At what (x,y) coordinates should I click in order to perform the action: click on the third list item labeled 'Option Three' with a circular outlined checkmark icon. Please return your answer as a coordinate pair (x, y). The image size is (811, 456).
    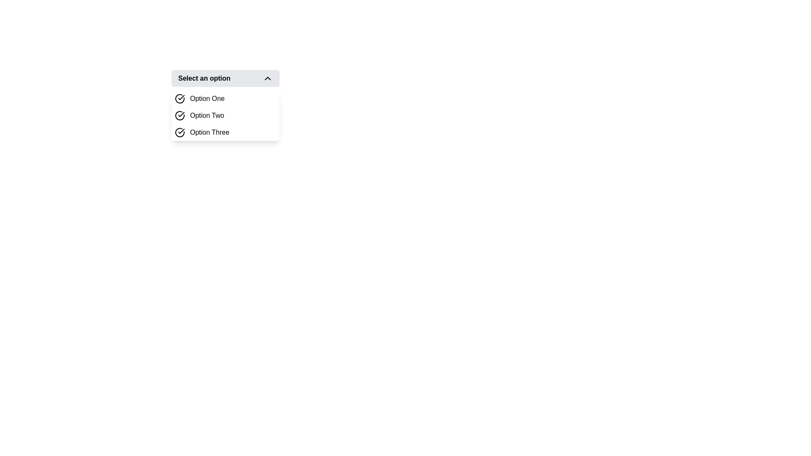
    Looking at the image, I should click on (225, 132).